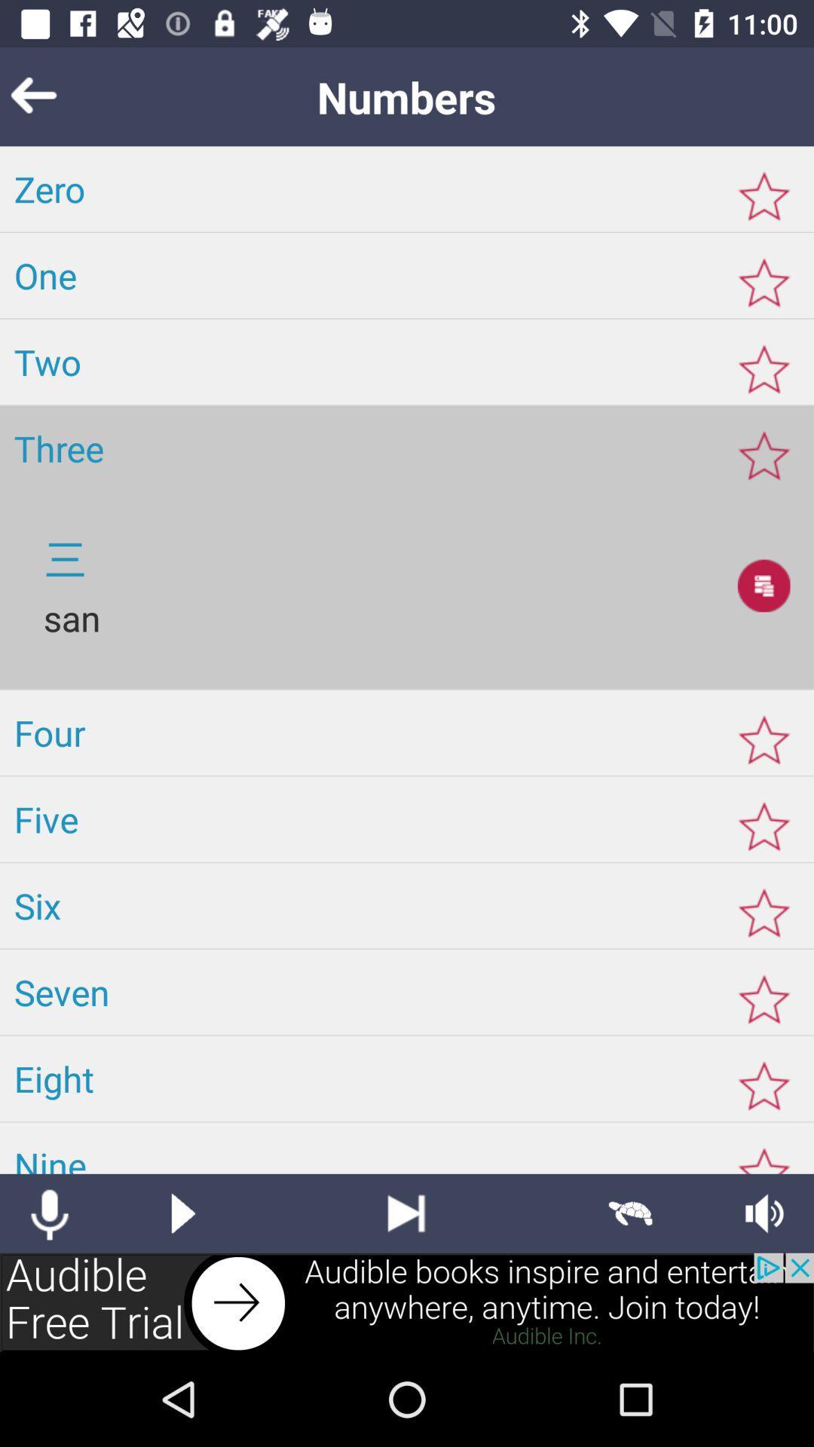  Describe the element at coordinates (405, 1213) in the screenshot. I see `the skip_next icon` at that location.